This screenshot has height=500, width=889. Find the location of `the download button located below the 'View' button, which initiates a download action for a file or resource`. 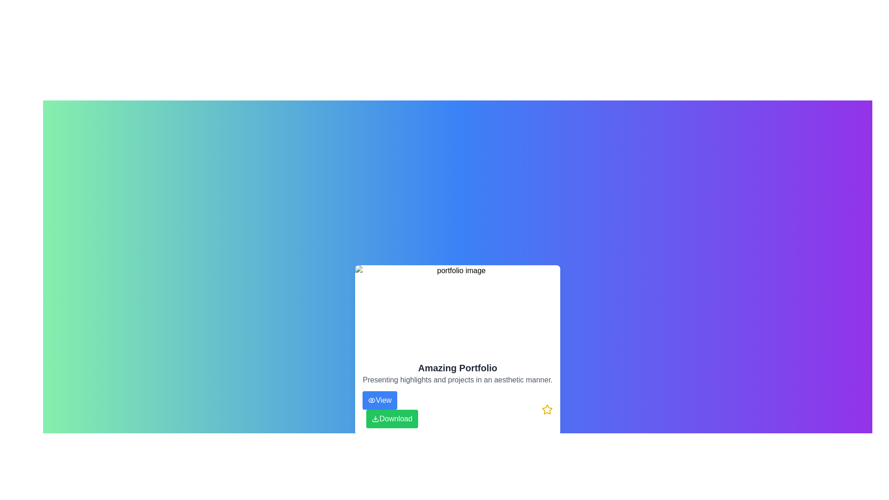

the download button located below the 'View' button, which initiates a download action for a file or resource is located at coordinates (392, 419).